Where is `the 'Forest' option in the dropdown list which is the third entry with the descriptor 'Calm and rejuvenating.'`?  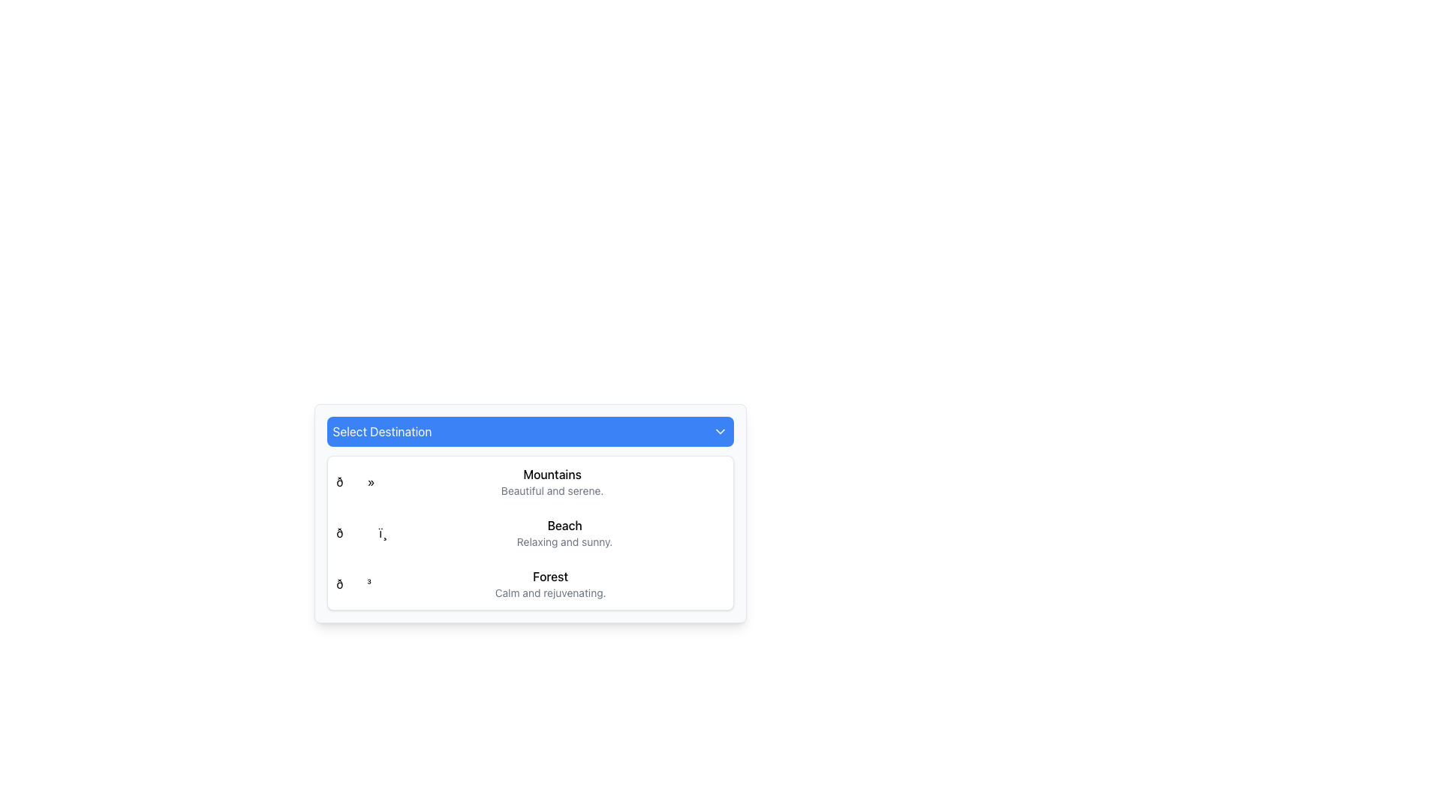
the 'Forest' option in the dropdown list which is the third entry with the descriptor 'Calm and rejuvenating.' is located at coordinates (549, 583).